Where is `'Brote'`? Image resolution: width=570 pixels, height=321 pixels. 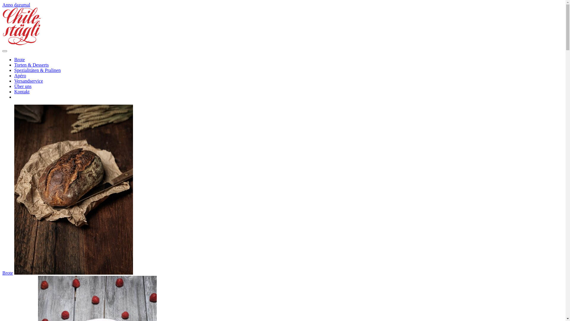 'Brote' is located at coordinates (20, 59).